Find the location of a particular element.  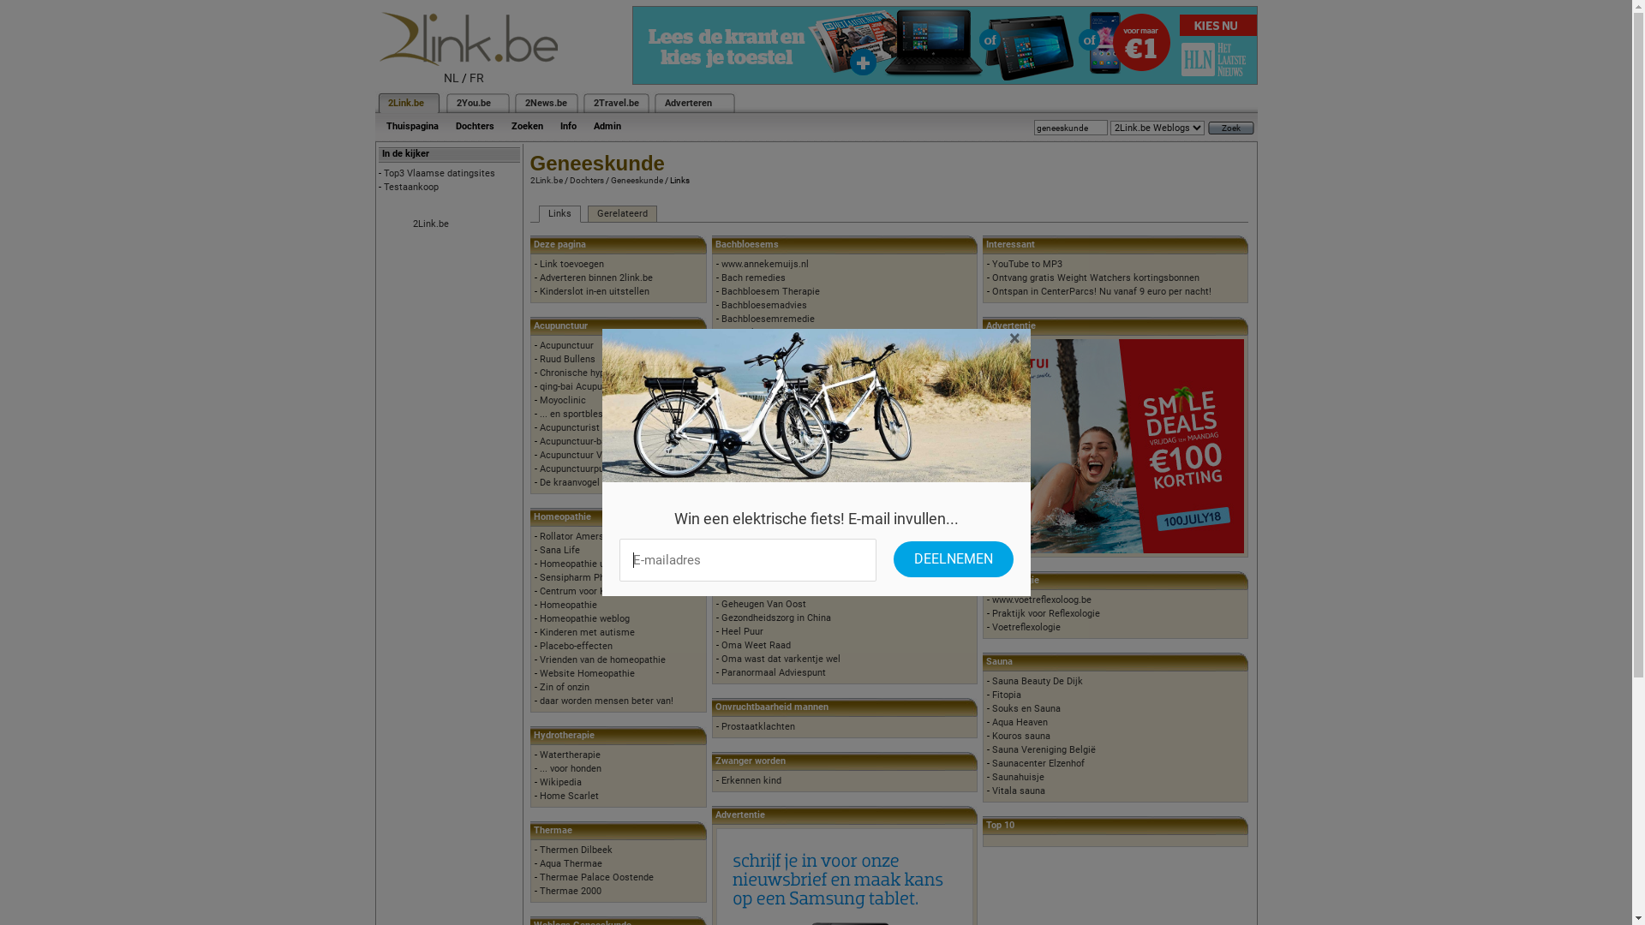

'Link toevoegen' is located at coordinates (571, 264).